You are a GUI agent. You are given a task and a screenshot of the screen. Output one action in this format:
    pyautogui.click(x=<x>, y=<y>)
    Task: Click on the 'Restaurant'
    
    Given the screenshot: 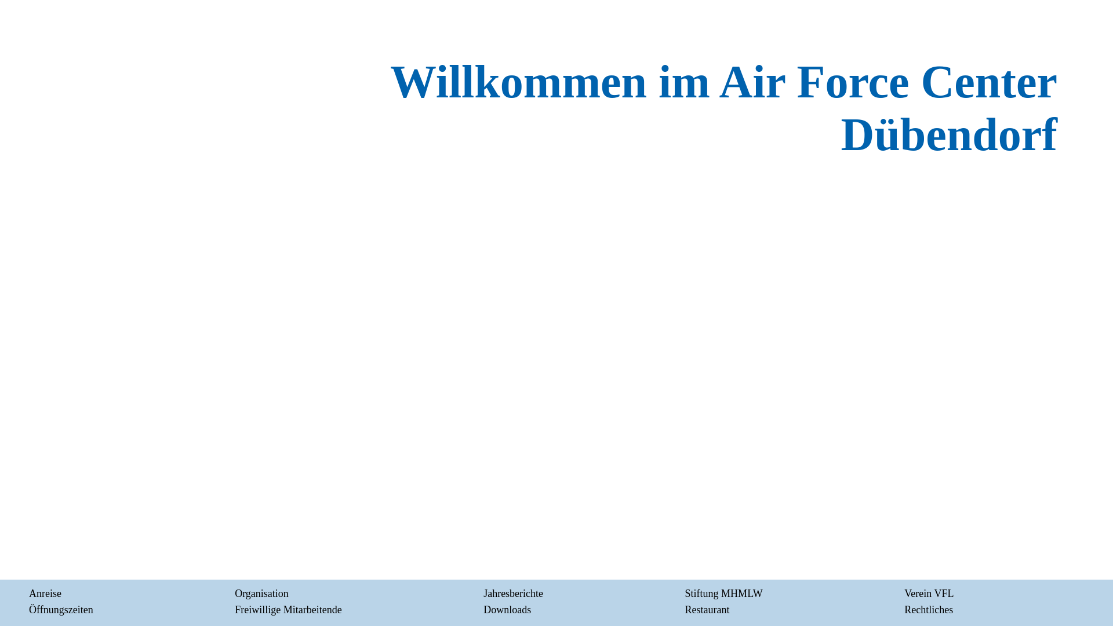 What is the action you would take?
    pyautogui.click(x=707, y=609)
    